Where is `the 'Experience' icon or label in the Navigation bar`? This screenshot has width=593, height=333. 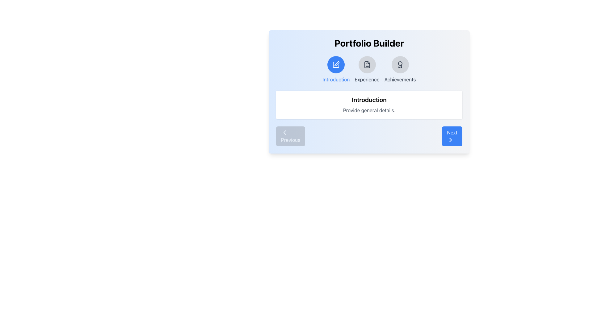
the 'Experience' icon or label in the Navigation bar is located at coordinates (369, 69).